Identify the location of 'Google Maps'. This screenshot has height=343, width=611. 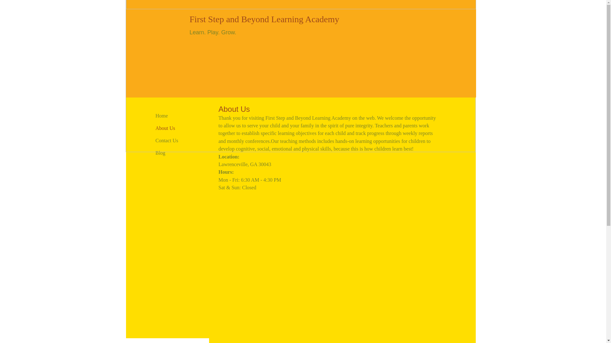
(328, 258).